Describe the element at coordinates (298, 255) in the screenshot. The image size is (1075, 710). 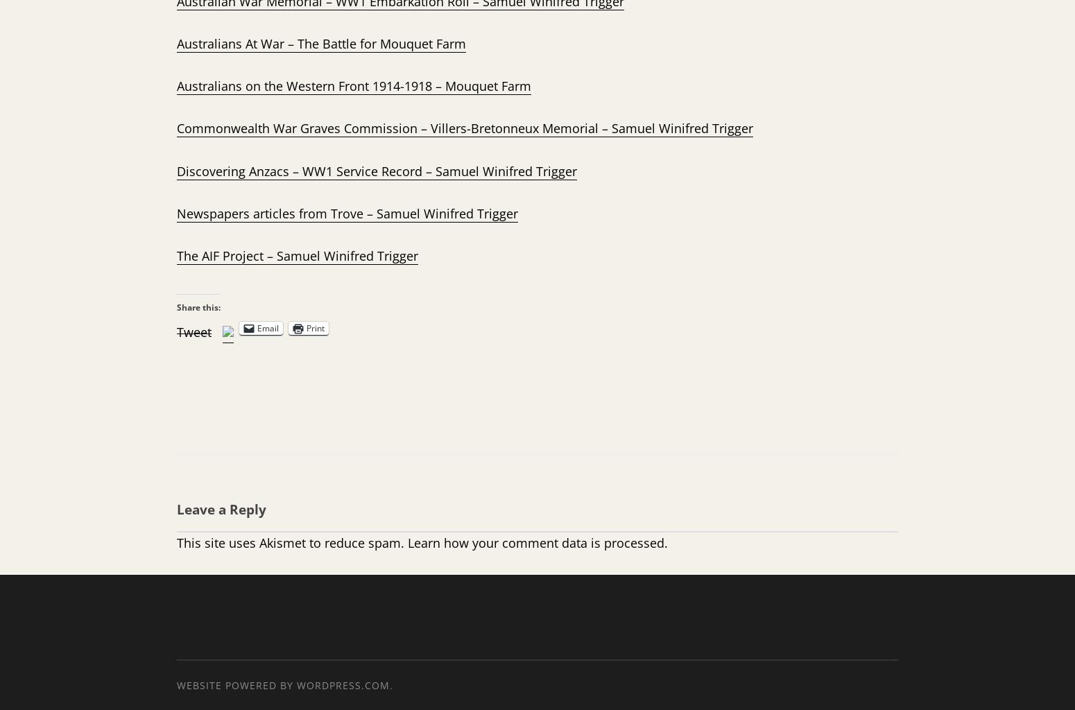
I see `'The AIF Project – Samuel Winifred Trigger'` at that location.